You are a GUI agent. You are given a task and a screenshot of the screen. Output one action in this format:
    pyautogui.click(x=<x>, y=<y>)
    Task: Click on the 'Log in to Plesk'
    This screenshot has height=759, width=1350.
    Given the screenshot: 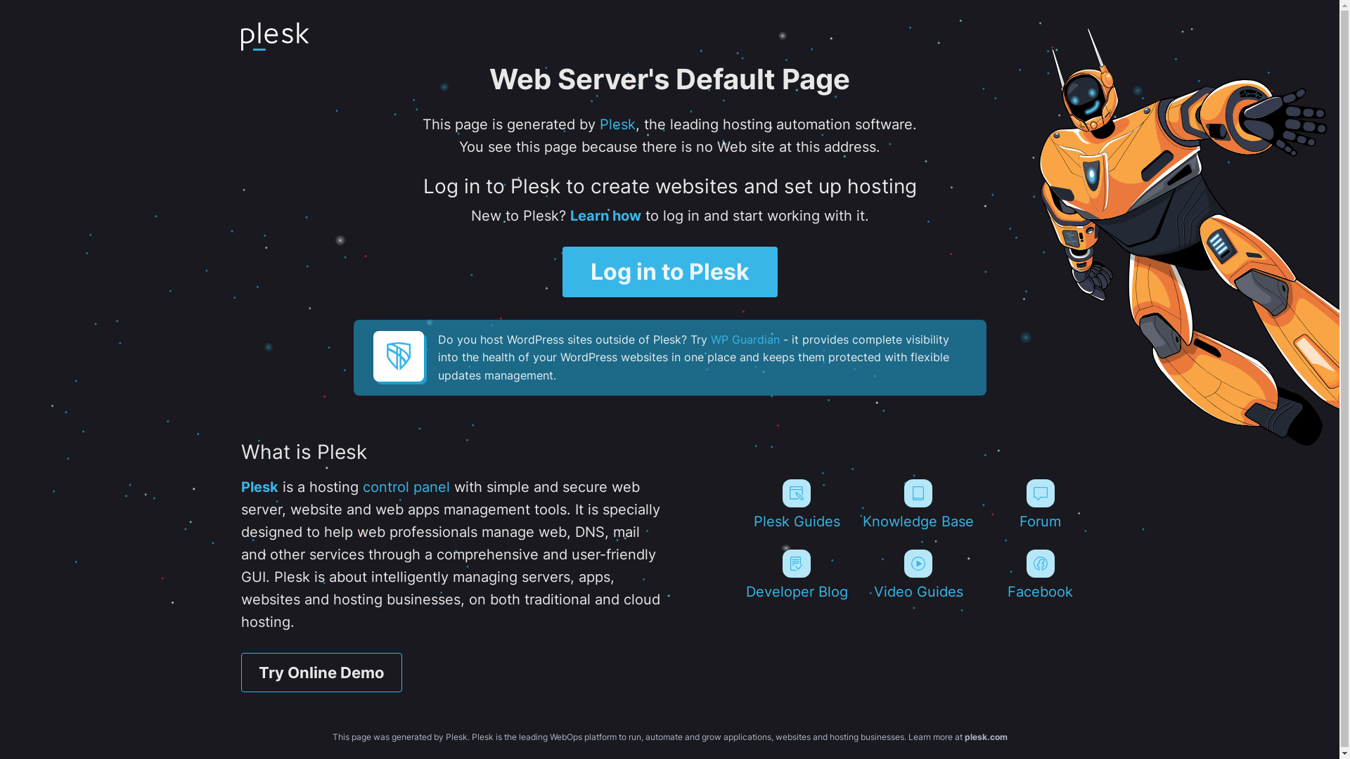 What is the action you would take?
    pyautogui.click(x=669, y=271)
    